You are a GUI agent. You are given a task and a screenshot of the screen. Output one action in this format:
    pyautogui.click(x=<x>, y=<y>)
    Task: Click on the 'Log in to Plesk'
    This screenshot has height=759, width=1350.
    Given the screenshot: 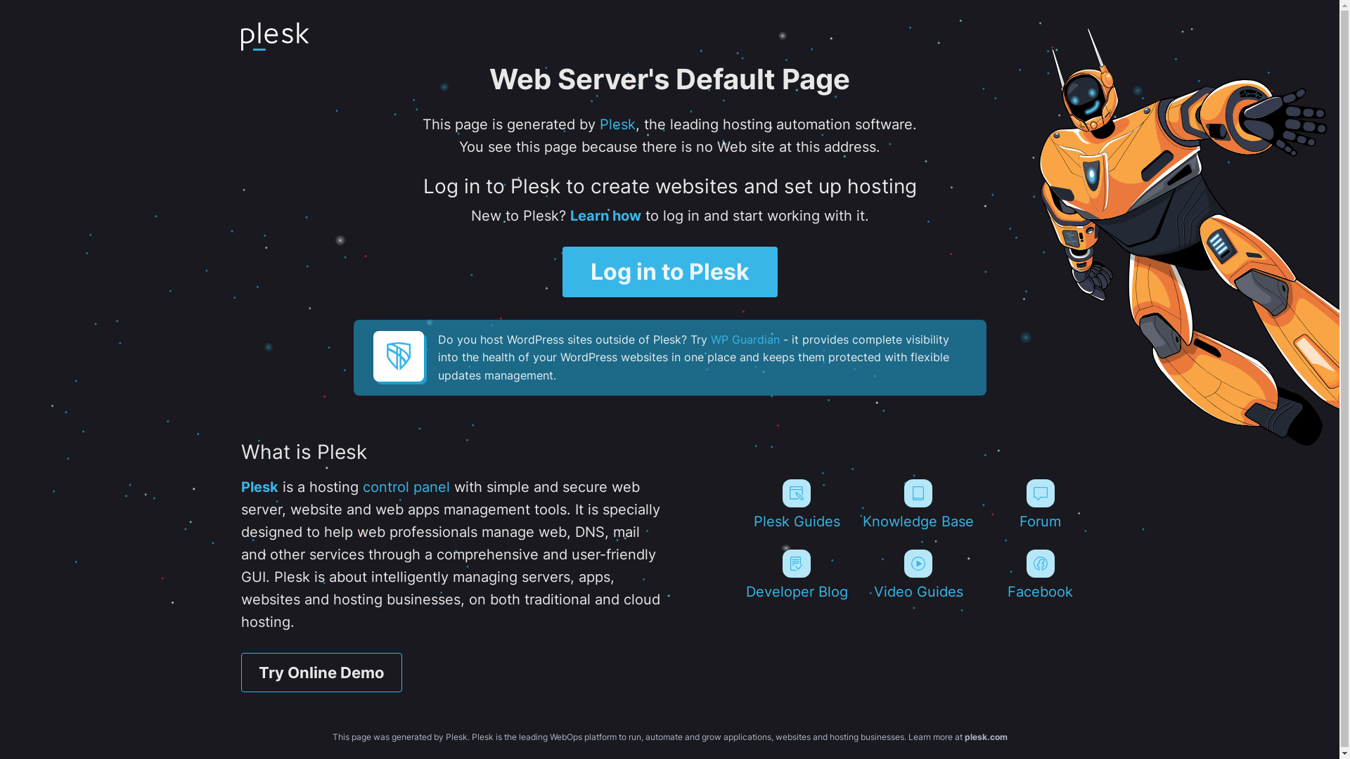 What is the action you would take?
    pyautogui.click(x=669, y=271)
    